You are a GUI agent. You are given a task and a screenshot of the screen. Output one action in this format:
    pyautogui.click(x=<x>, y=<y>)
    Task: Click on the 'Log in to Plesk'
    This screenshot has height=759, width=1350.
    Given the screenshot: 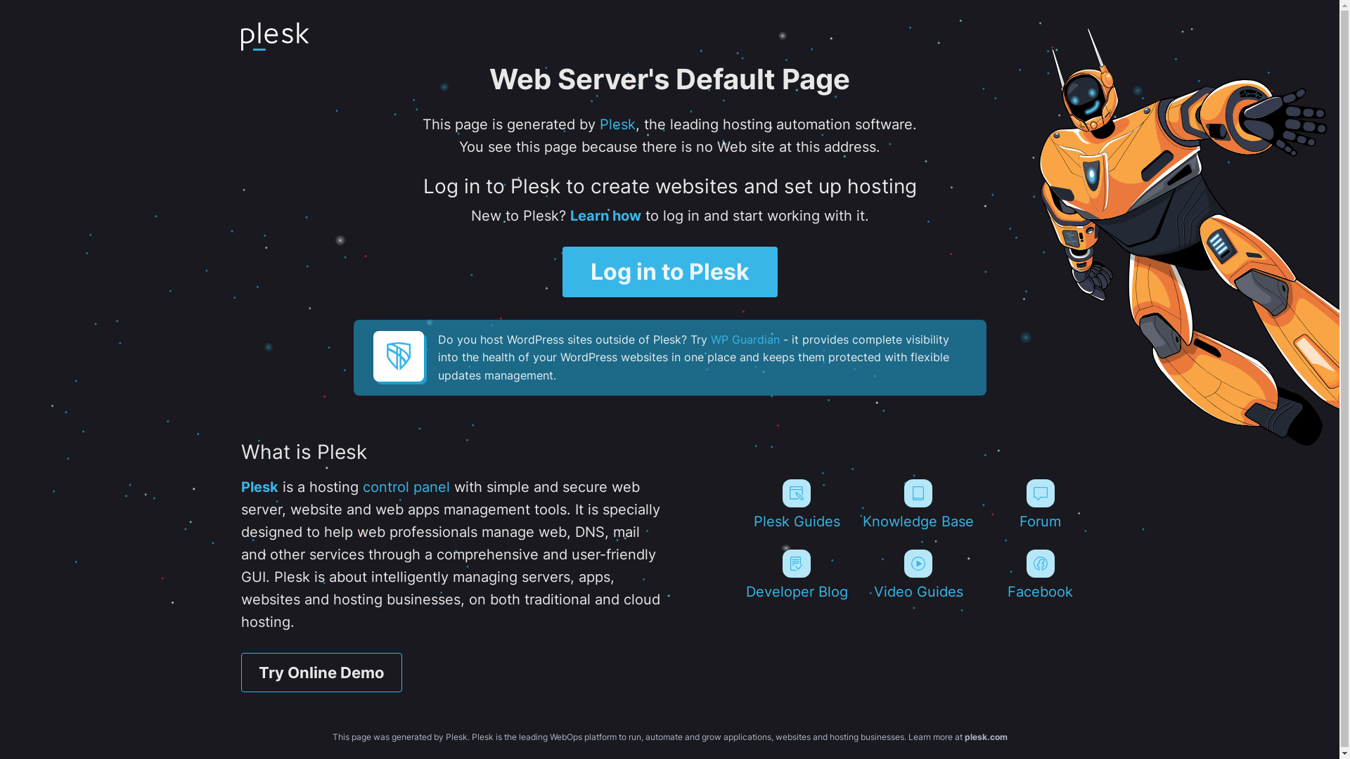 What is the action you would take?
    pyautogui.click(x=669, y=271)
    